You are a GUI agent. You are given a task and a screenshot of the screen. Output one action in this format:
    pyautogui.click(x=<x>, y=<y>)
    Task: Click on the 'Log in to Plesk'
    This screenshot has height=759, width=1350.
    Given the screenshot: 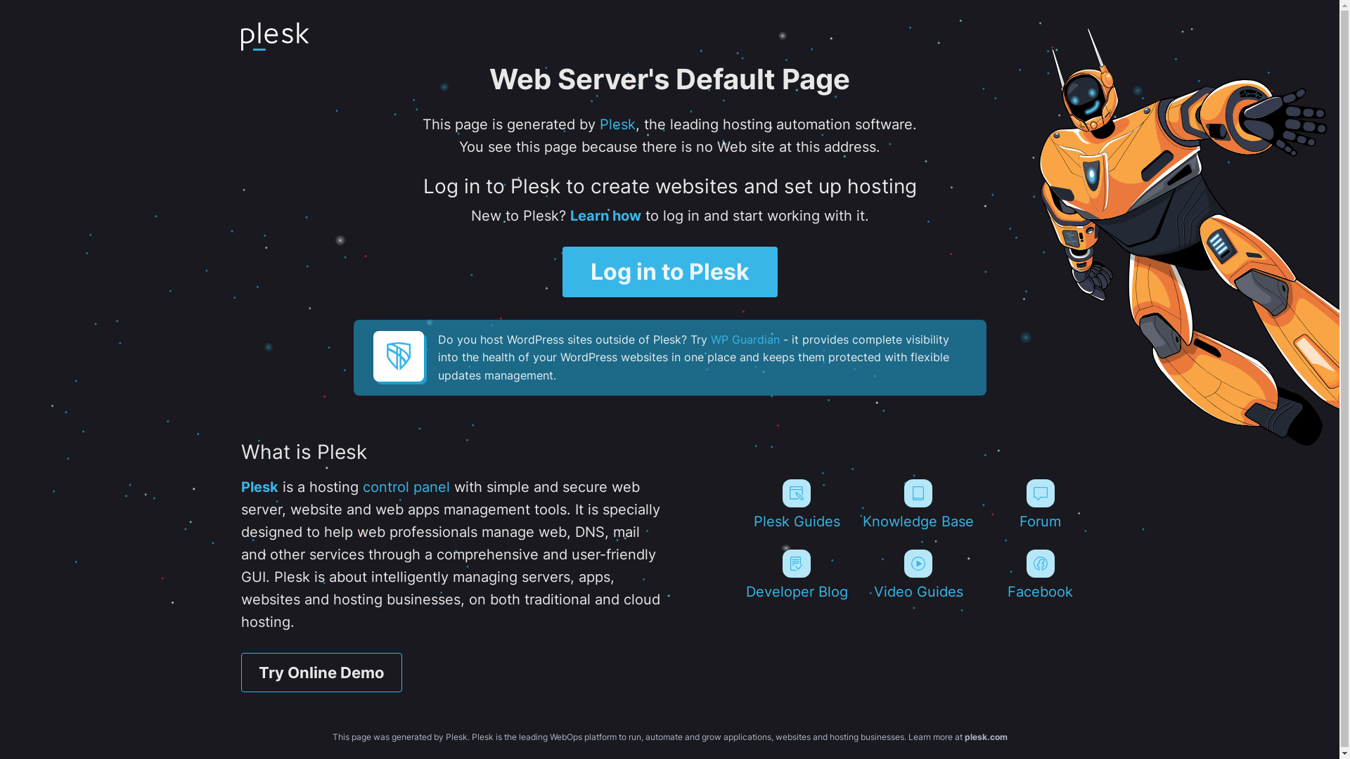 What is the action you would take?
    pyautogui.click(x=669, y=271)
    